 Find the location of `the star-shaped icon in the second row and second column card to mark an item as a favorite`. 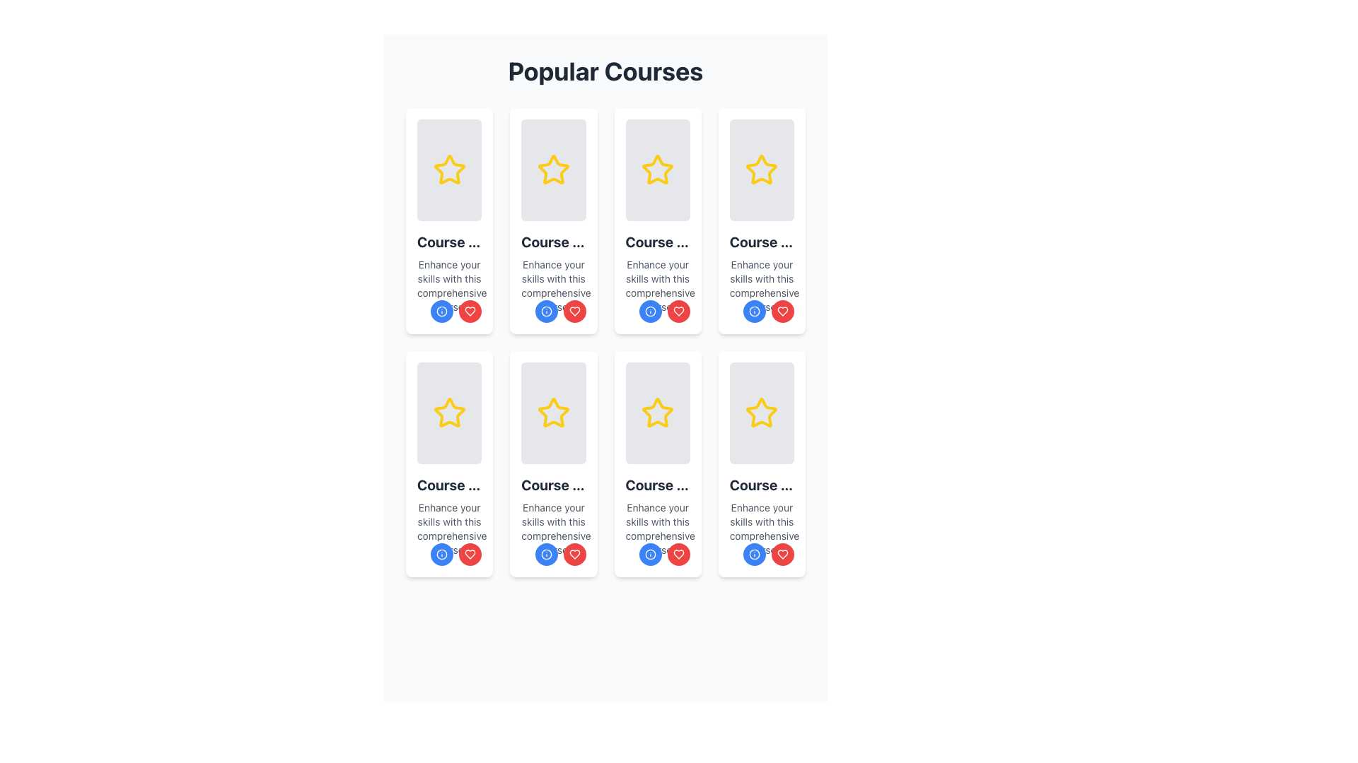

the star-shaped icon in the second row and second column card to mark an item as a favorite is located at coordinates (448, 413).